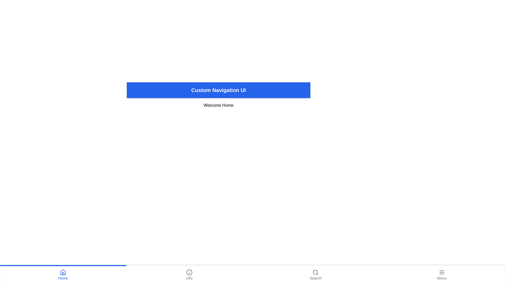 This screenshot has height=284, width=505. What do you see at coordinates (63, 272) in the screenshot?
I see `the upper triangular part of the blue house icon located in the bottom navigation bar, which is the first icon from the left` at bounding box center [63, 272].